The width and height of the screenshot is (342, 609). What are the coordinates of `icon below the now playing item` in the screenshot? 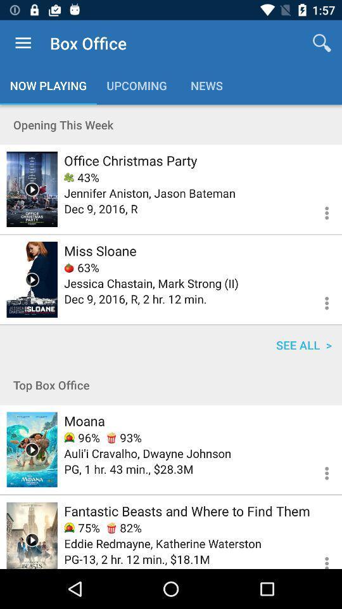 It's located at (171, 124).